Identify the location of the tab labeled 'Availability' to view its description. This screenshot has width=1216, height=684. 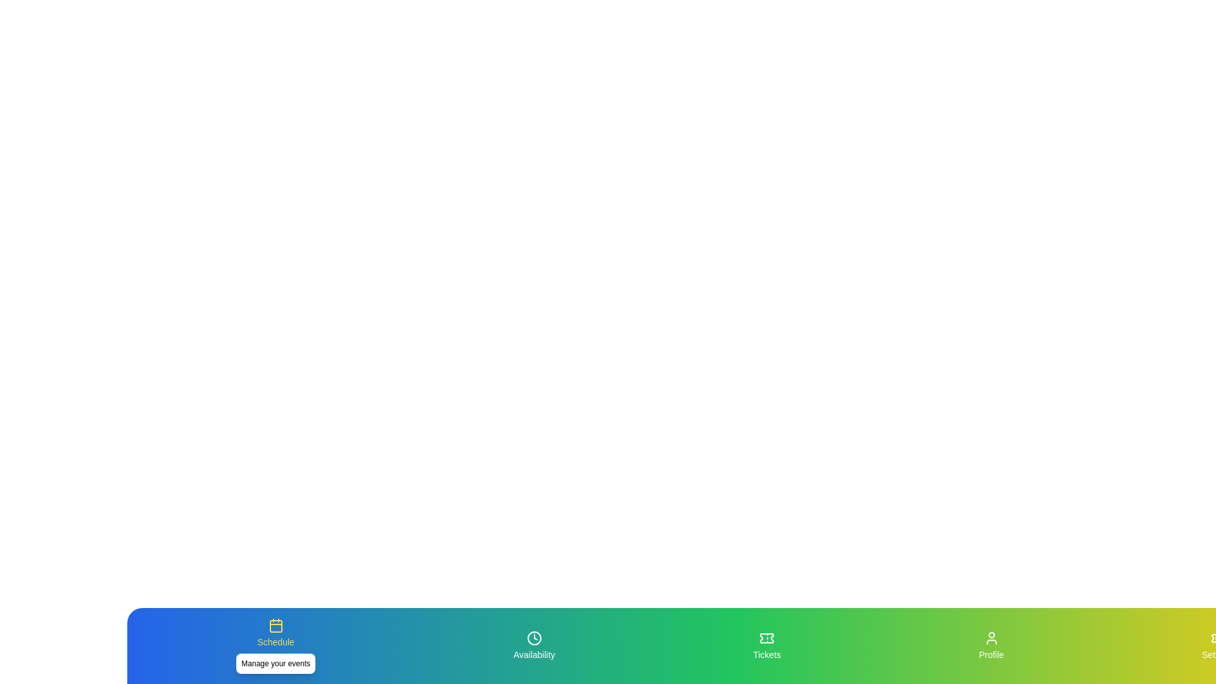
(534, 645).